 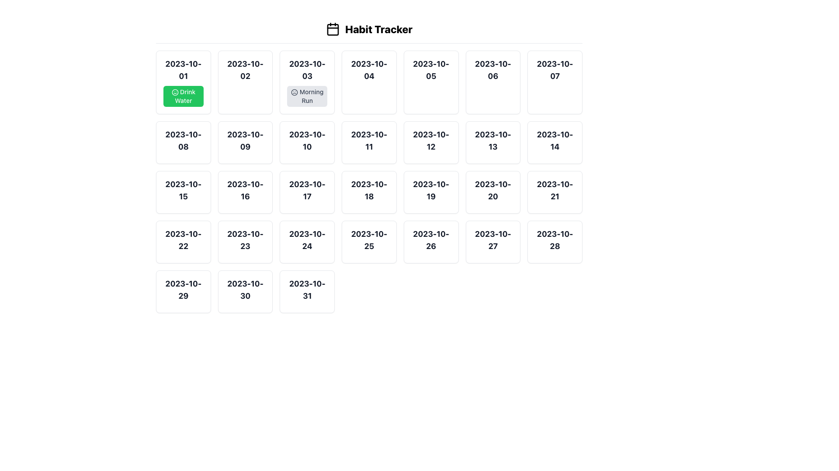 What do you see at coordinates (369, 82) in the screenshot?
I see `the card-like component displaying the date '2023-10-04', which has a white background and is located in the first row and fourth column of the grid layout` at bounding box center [369, 82].